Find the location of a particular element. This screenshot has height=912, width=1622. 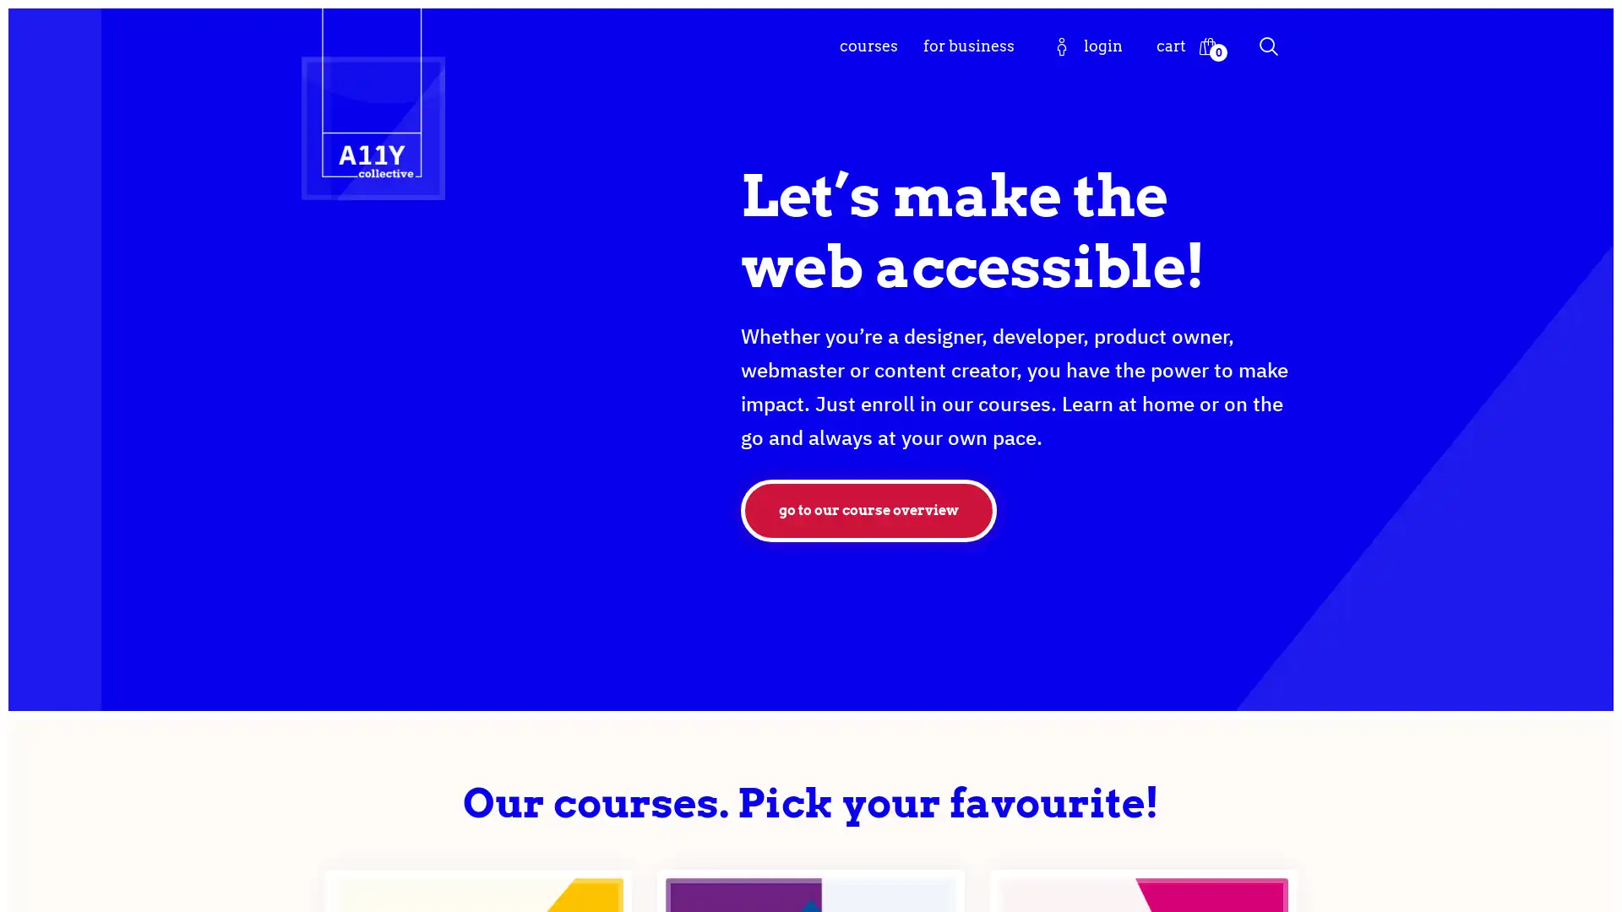

Search is located at coordinates (1269, 45).